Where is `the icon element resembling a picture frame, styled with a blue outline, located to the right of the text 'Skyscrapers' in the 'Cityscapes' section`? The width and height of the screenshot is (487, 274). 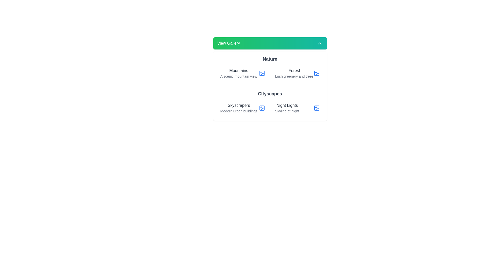
the icon element resembling a picture frame, styled with a blue outline, located to the right of the text 'Skyscrapers' in the 'Cityscapes' section is located at coordinates (262, 108).